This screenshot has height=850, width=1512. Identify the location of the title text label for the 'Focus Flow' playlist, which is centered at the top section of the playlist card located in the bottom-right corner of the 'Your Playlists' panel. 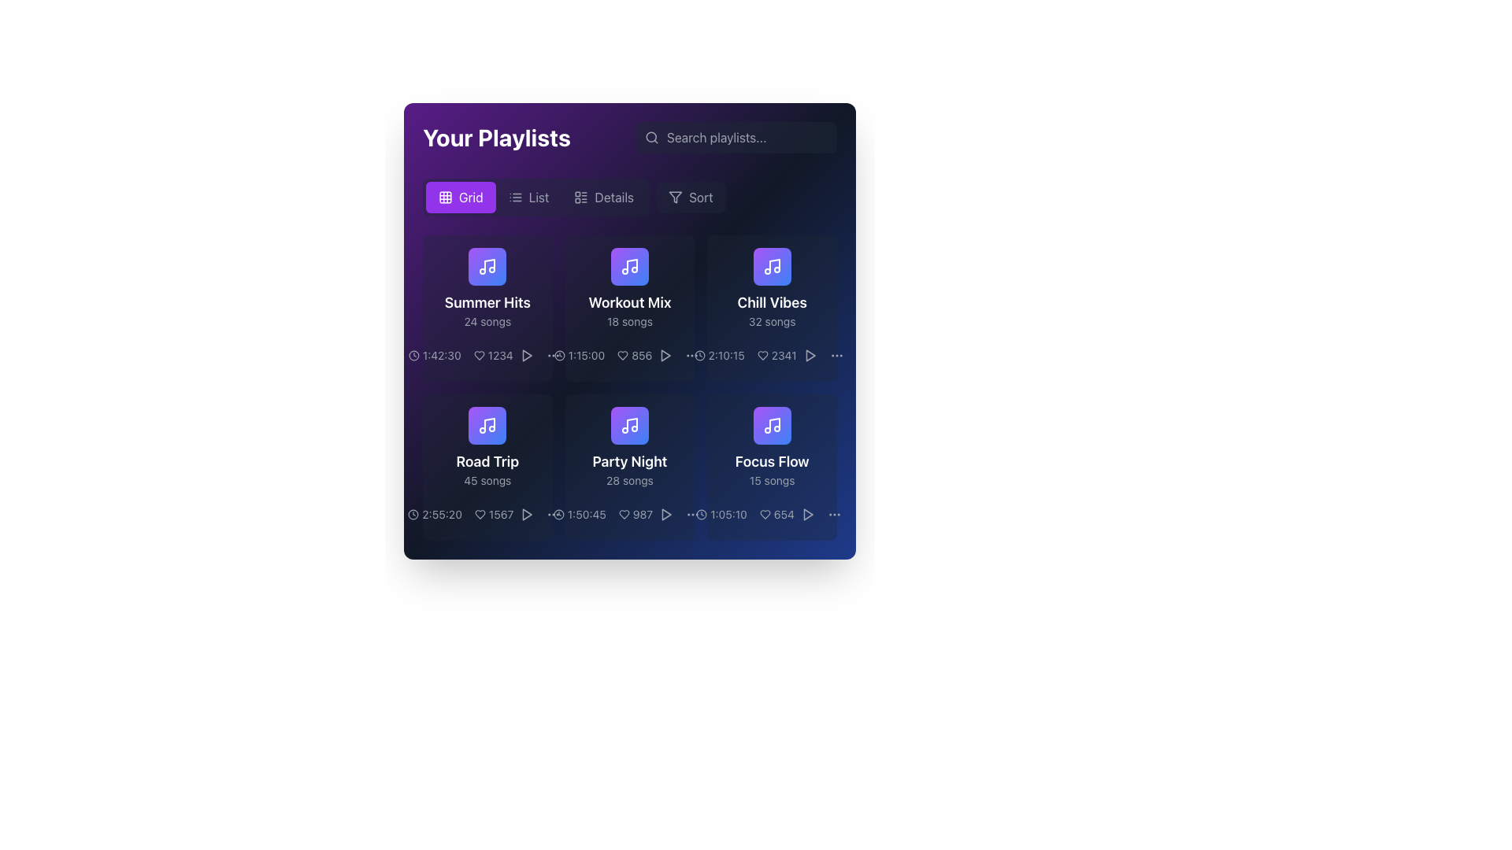
(772, 460).